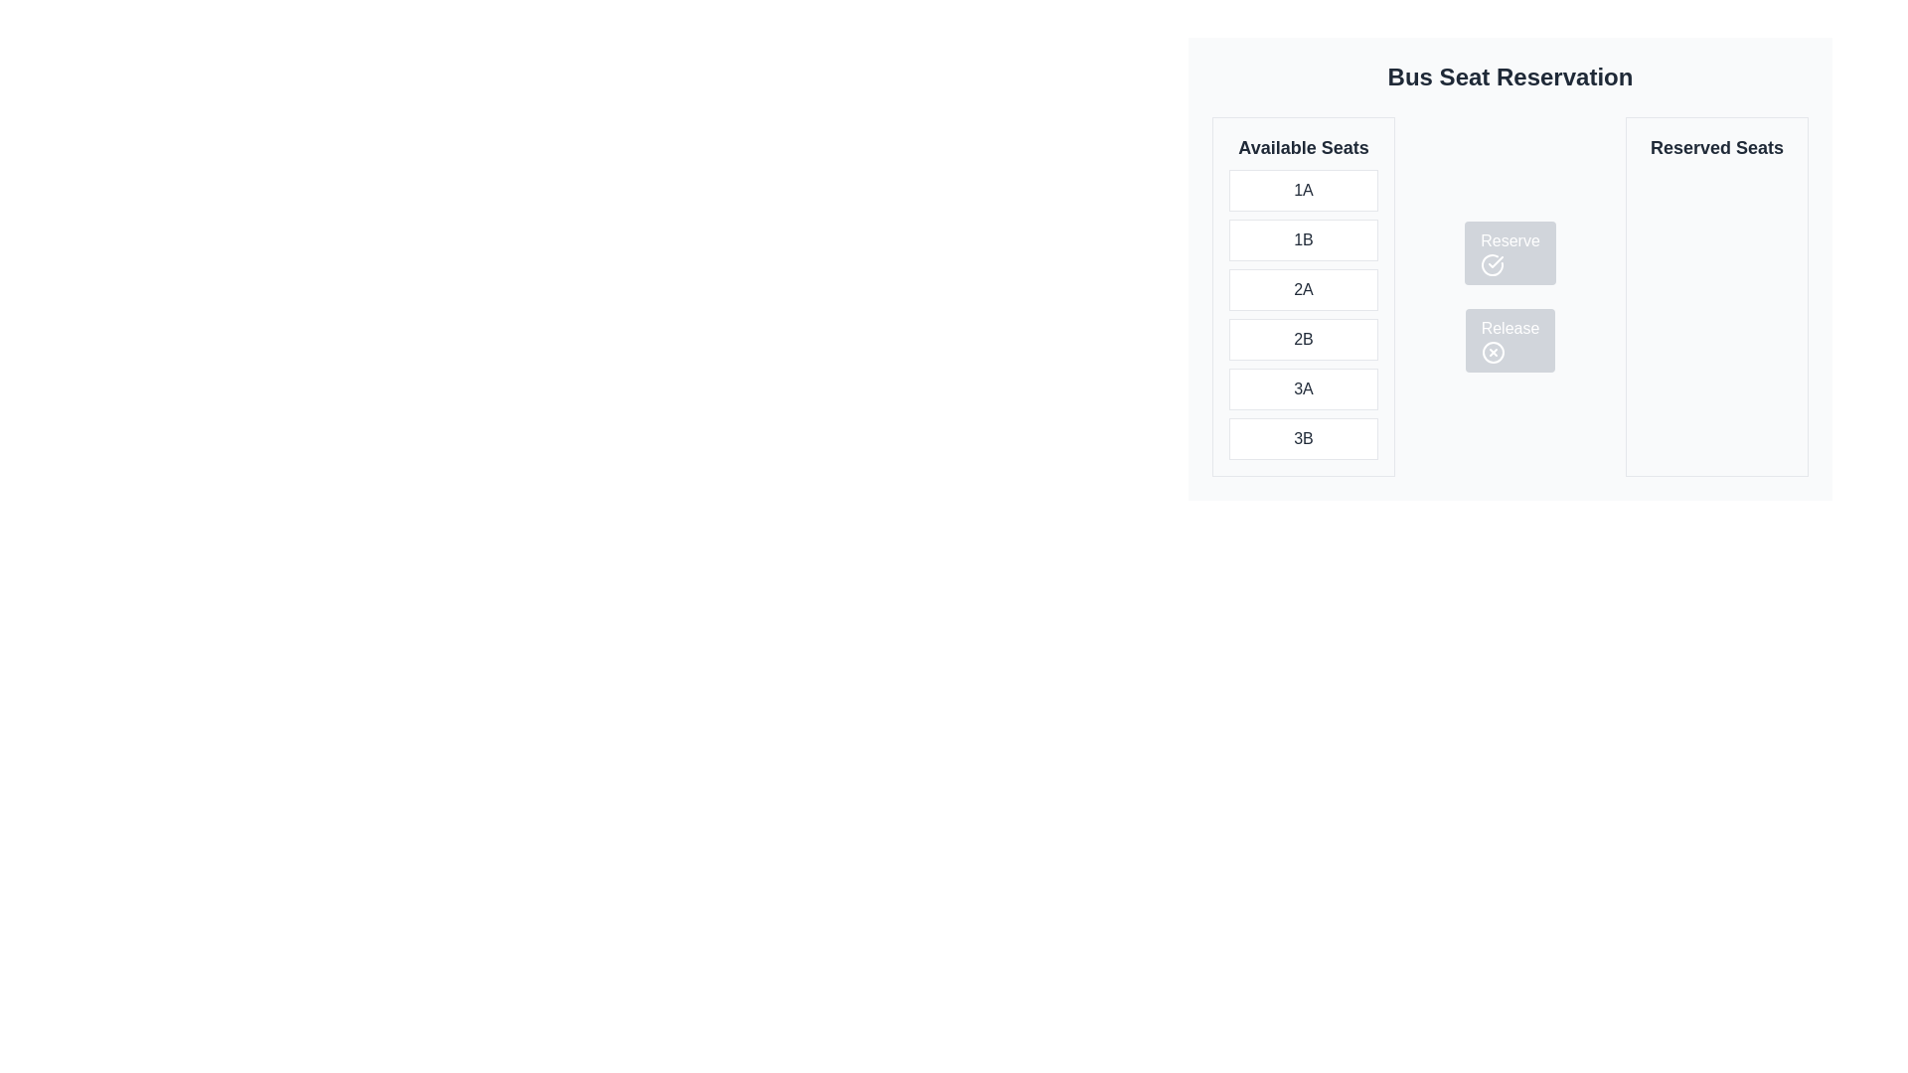 The height and width of the screenshot is (1073, 1908). Describe the element at coordinates (1493, 351) in the screenshot. I see `the disabled SVG icon within the 'Release' button that symbolizes the action to cancel or release a reservation` at that location.